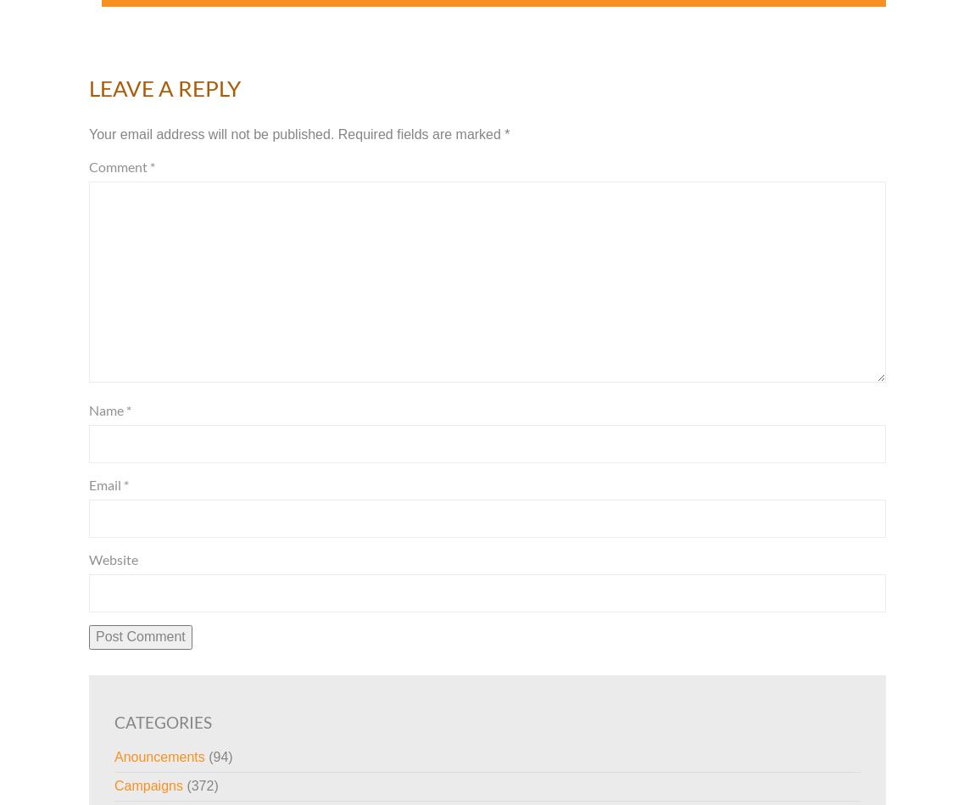  Describe the element at coordinates (217, 756) in the screenshot. I see `'(94)'` at that location.